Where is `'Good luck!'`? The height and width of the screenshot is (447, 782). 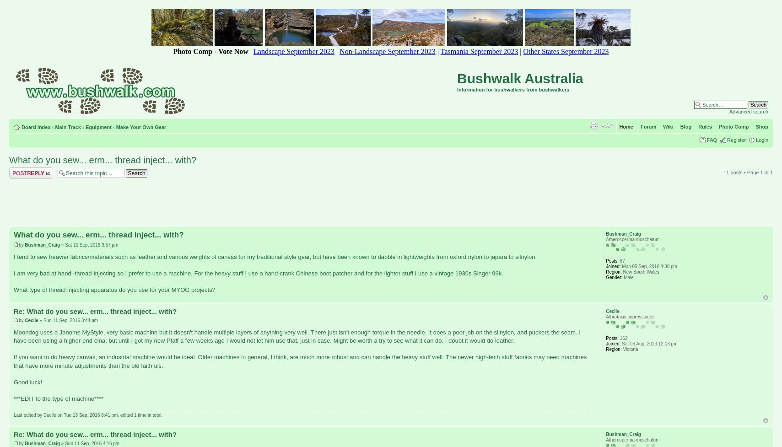 'Good luck!' is located at coordinates (27, 382).